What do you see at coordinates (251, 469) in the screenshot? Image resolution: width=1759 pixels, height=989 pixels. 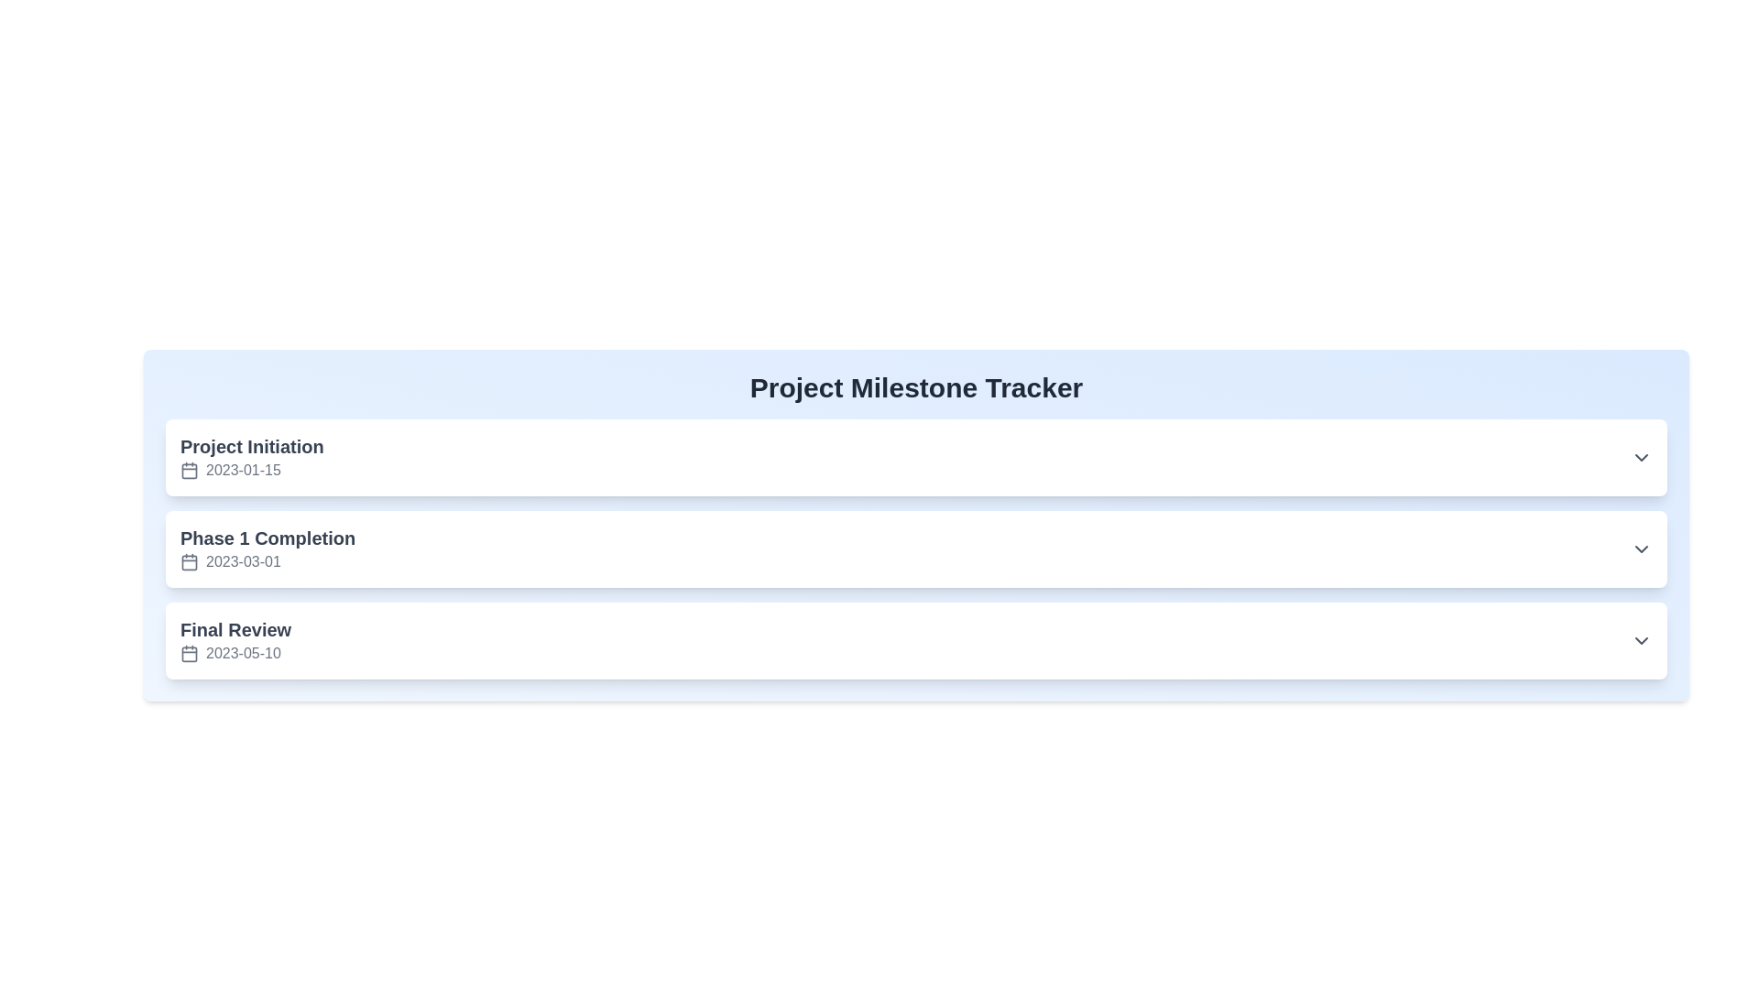 I see `the date element displaying '2023-01-15' with the accompanying calendar icon, located below the heading 'Project Initiation'` at bounding box center [251, 469].